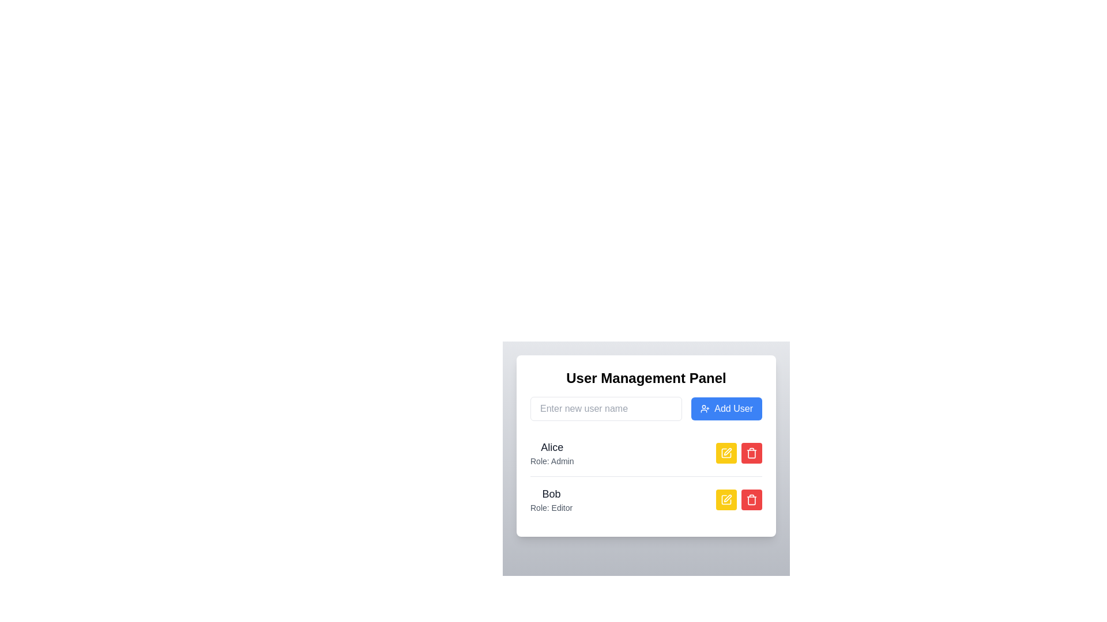 The image size is (1107, 622). Describe the element at coordinates (727, 498) in the screenshot. I see `the pen icon within the yellow rectangular button` at that location.